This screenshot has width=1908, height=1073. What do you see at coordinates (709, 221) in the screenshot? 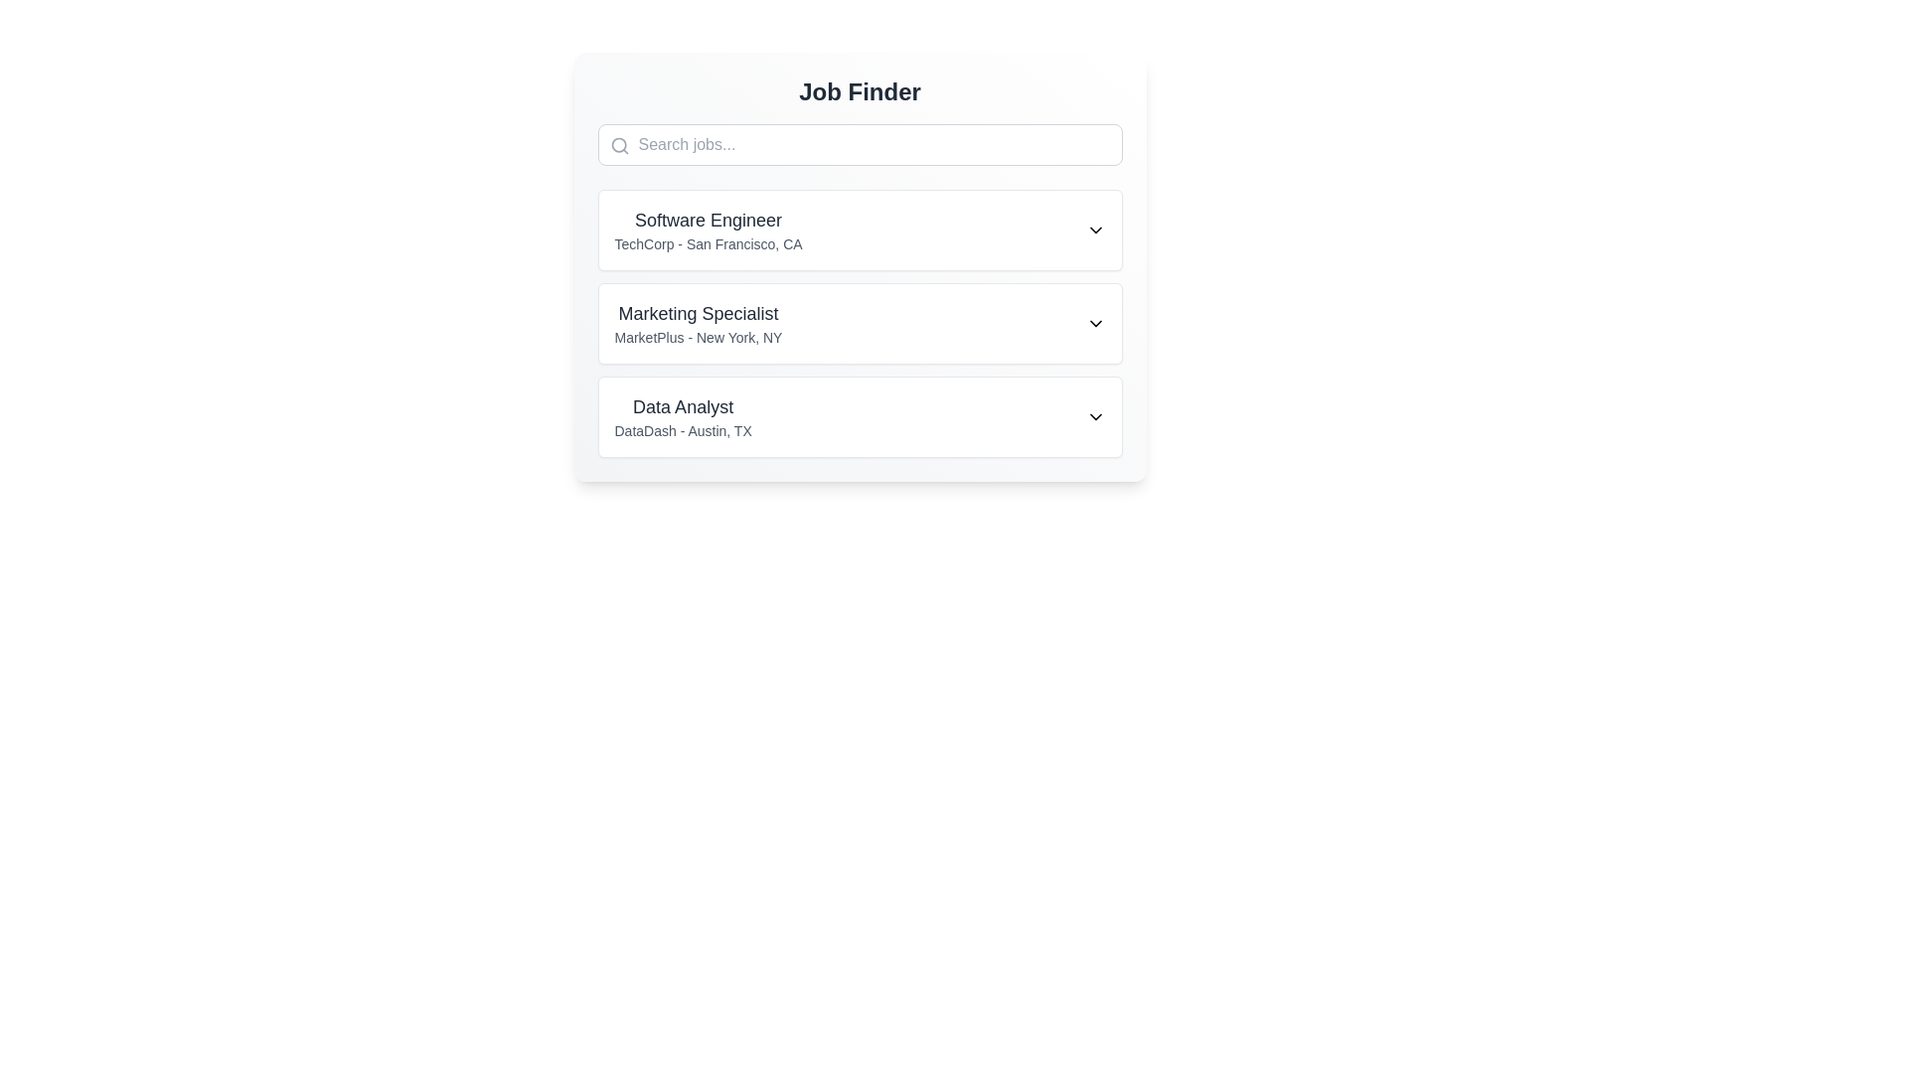
I see `the Static text element displaying 'Software Engineer', which is located at the top of the list view in the Job Finder card` at bounding box center [709, 221].